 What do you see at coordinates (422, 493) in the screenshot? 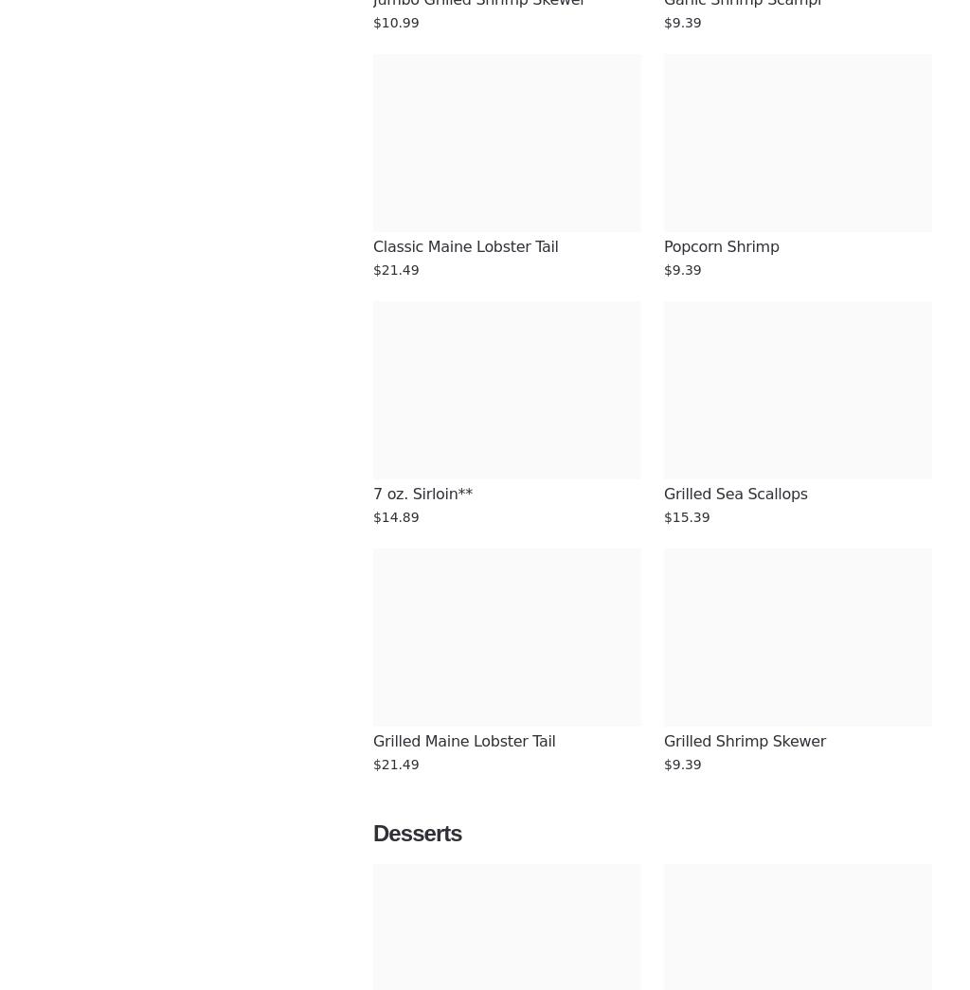
I see `'7 oz. Sirloin**'` at bounding box center [422, 493].